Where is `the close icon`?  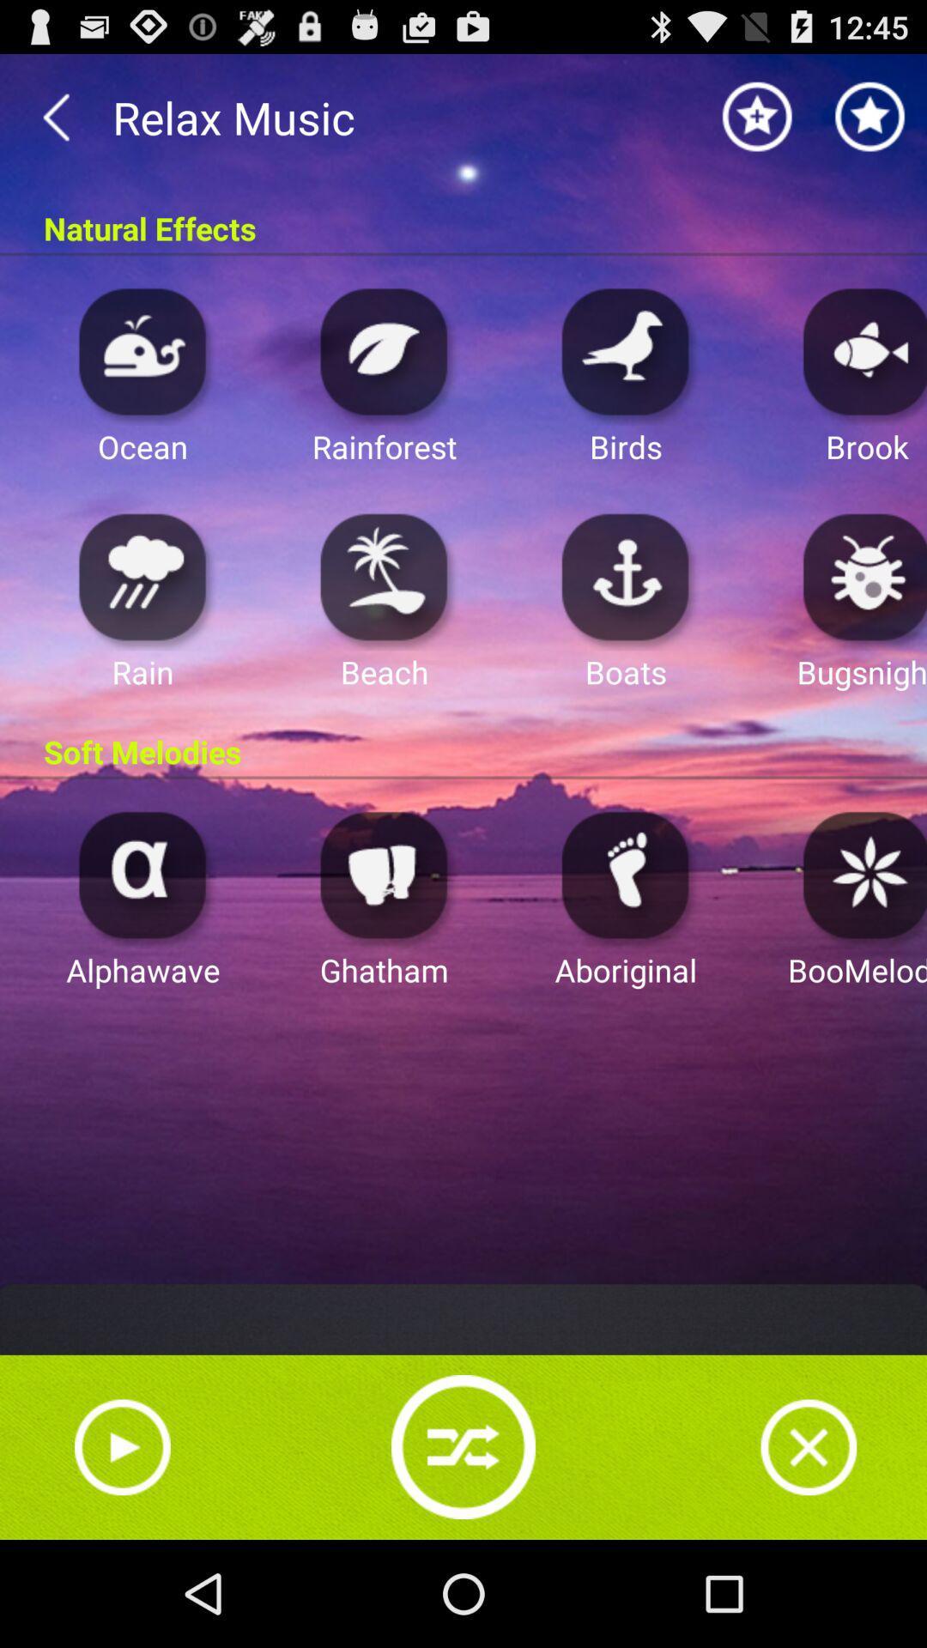 the close icon is located at coordinates (809, 1548).